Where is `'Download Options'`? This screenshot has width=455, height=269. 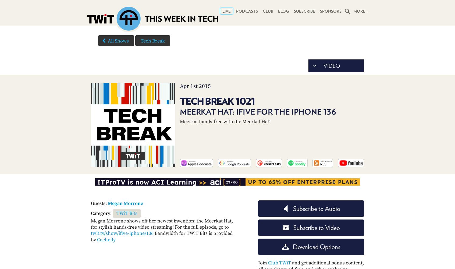 'Download Options' is located at coordinates (316, 247).